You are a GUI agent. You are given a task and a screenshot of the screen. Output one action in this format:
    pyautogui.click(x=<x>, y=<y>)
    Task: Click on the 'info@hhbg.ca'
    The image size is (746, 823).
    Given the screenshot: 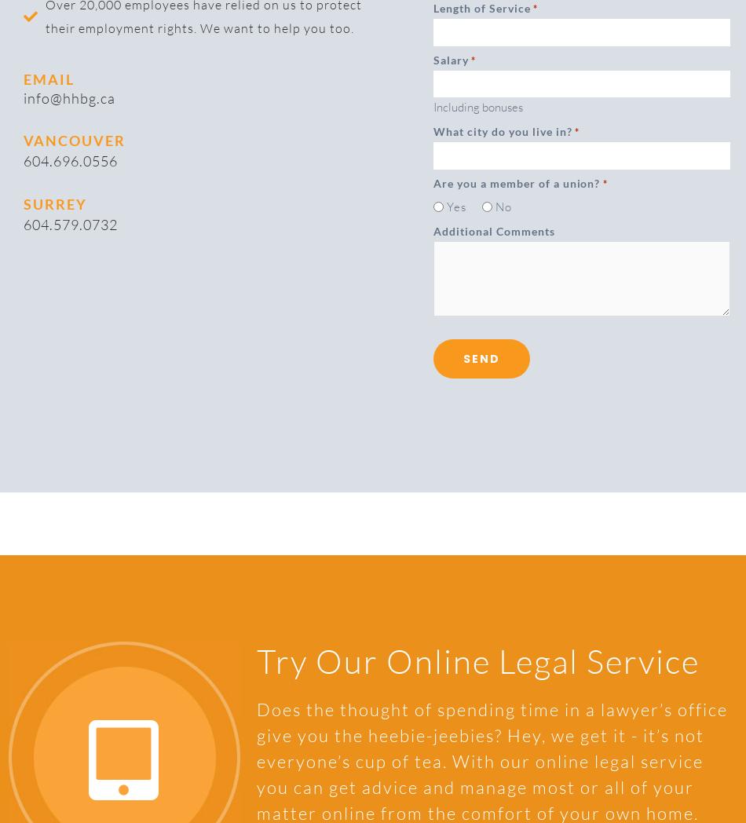 What is the action you would take?
    pyautogui.click(x=69, y=96)
    